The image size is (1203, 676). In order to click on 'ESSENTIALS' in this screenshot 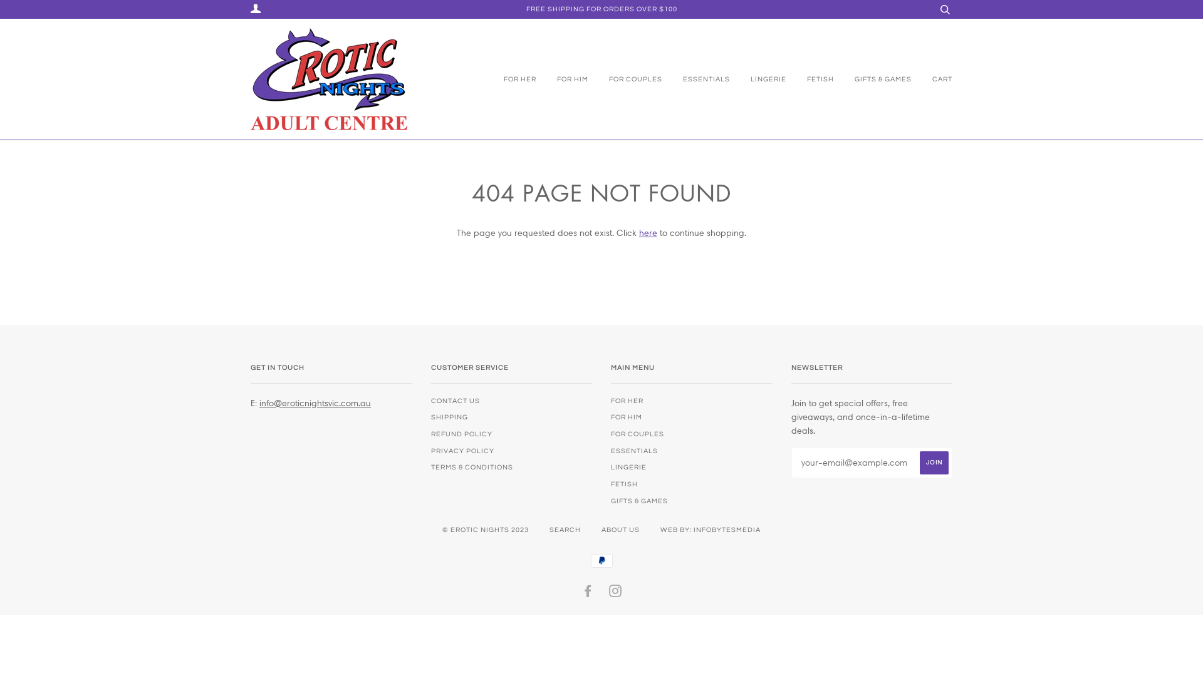, I will do `click(610, 451)`.